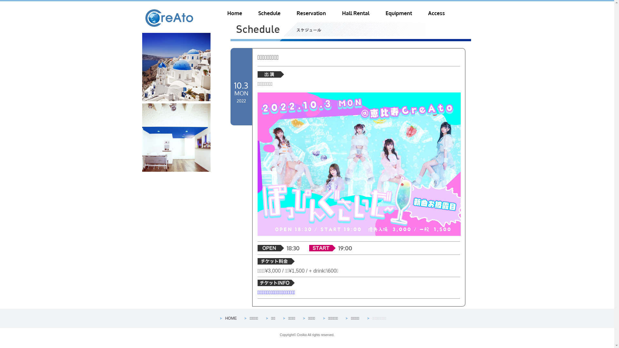 Image resolution: width=619 pixels, height=348 pixels. Describe the element at coordinates (269, 13) in the screenshot. I see `'Schedule'` at that location.